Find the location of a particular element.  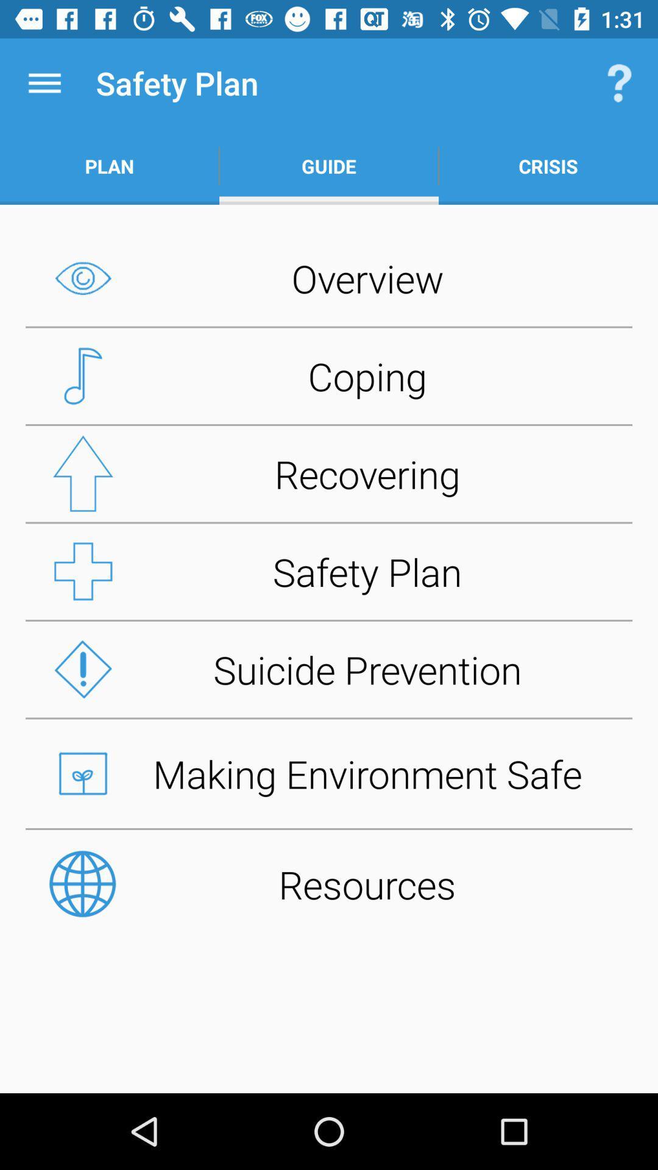

the app next to guide app is located at coordinates (620, 82).